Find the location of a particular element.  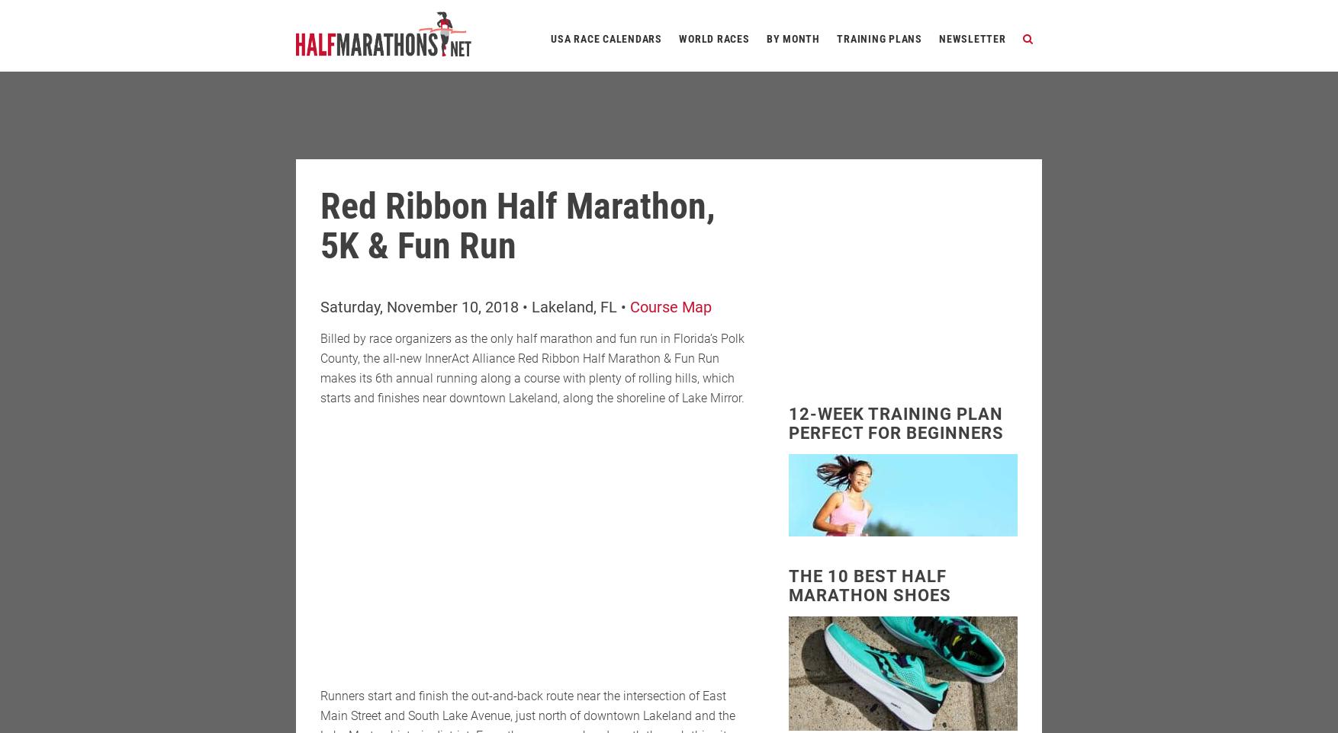

'Billed by race organizers as the only half marathon and fun run in Florida’s Polk County, the all-new InnerAct Alliance Red Ribbon Half Marathon & Fun Run makes its 6th annual running along a course with plenty of rolling hills, which starts and finishes near downtown Lakeland, along the shoreline of Lake Mirror.' is located at coordinates (531, 367).